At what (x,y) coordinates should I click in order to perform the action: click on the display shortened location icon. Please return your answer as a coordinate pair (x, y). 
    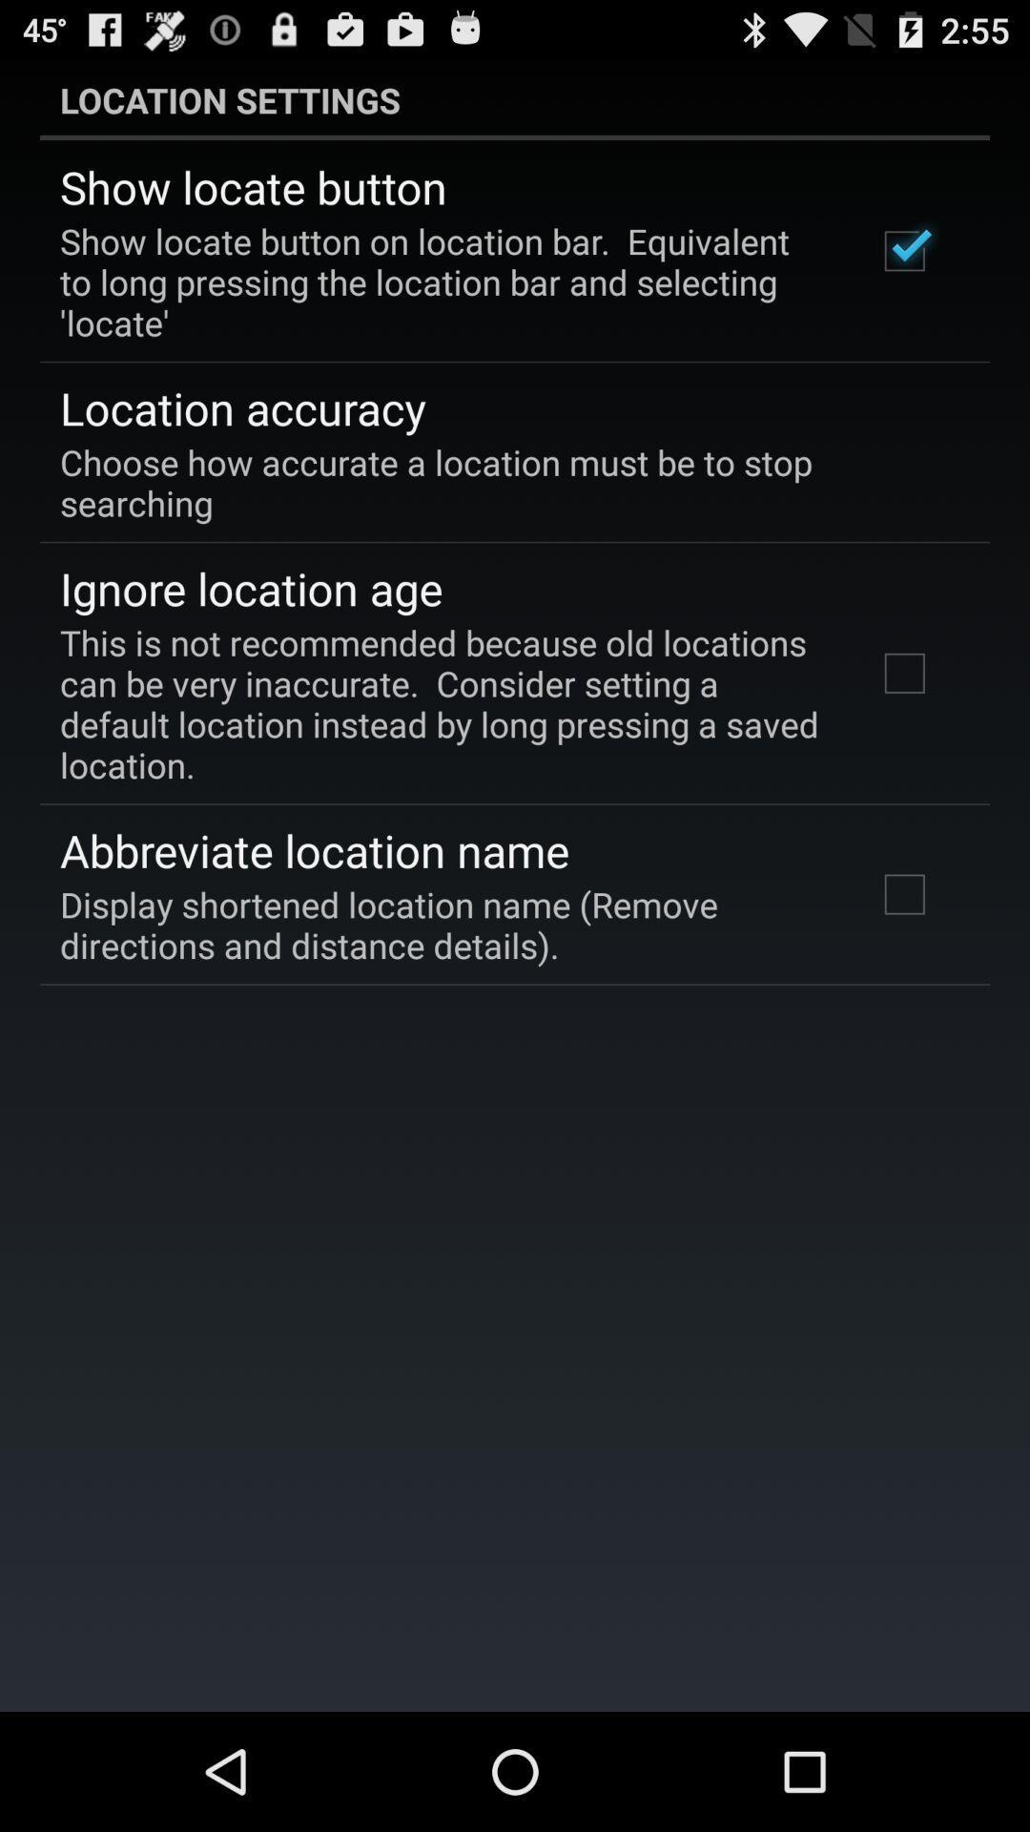
    Looking at the image, I should click on (442, 925).